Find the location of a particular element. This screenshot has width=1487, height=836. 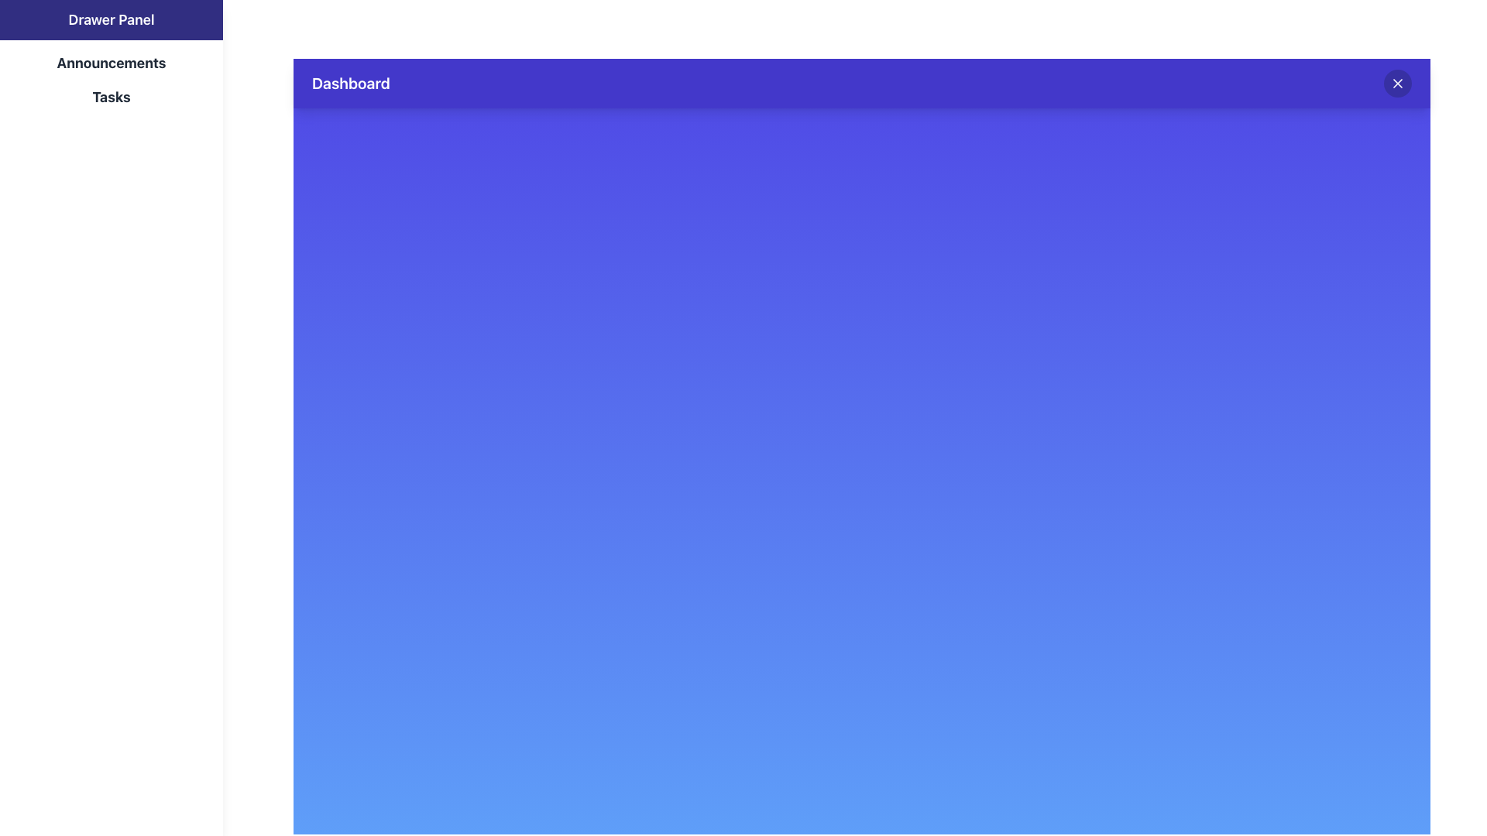

the bold text label displaying 'Tasks' located underneath 'Announcements' in the left panel of the interface is located at coordinates (111, 98).